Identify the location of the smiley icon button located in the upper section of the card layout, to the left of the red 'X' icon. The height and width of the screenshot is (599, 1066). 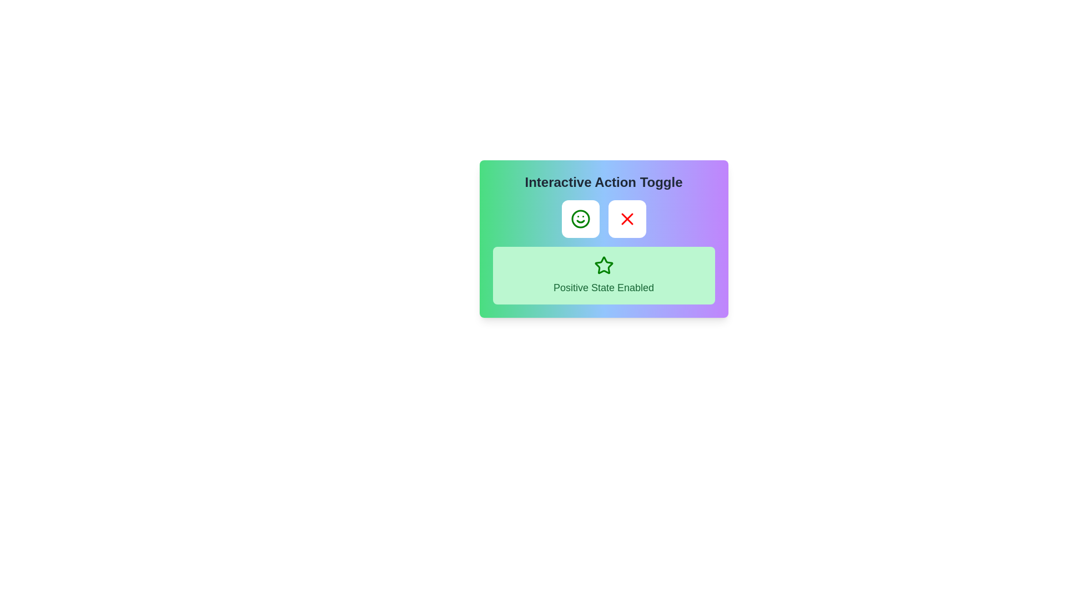
(580, 219).